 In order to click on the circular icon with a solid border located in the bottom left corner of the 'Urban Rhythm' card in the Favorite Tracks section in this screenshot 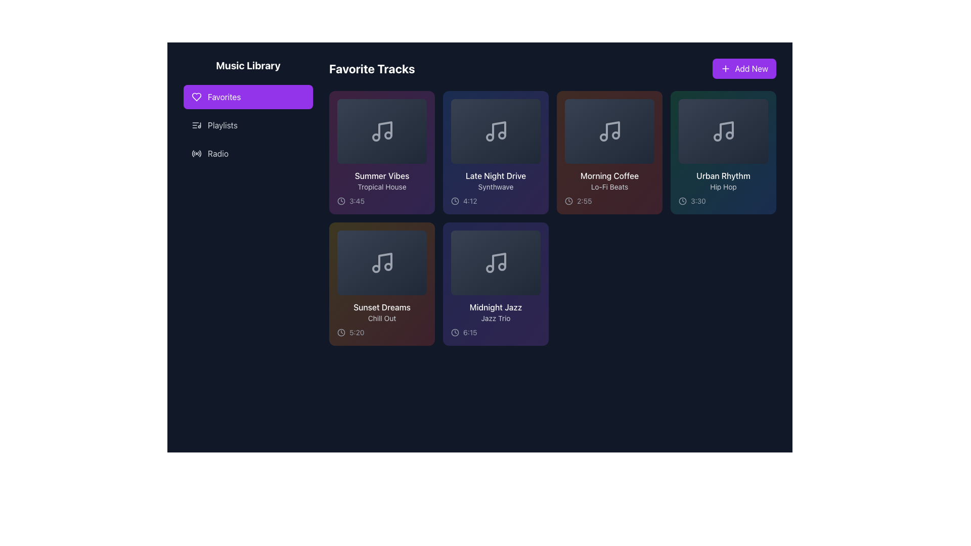, I will do `click(682, 201)`.